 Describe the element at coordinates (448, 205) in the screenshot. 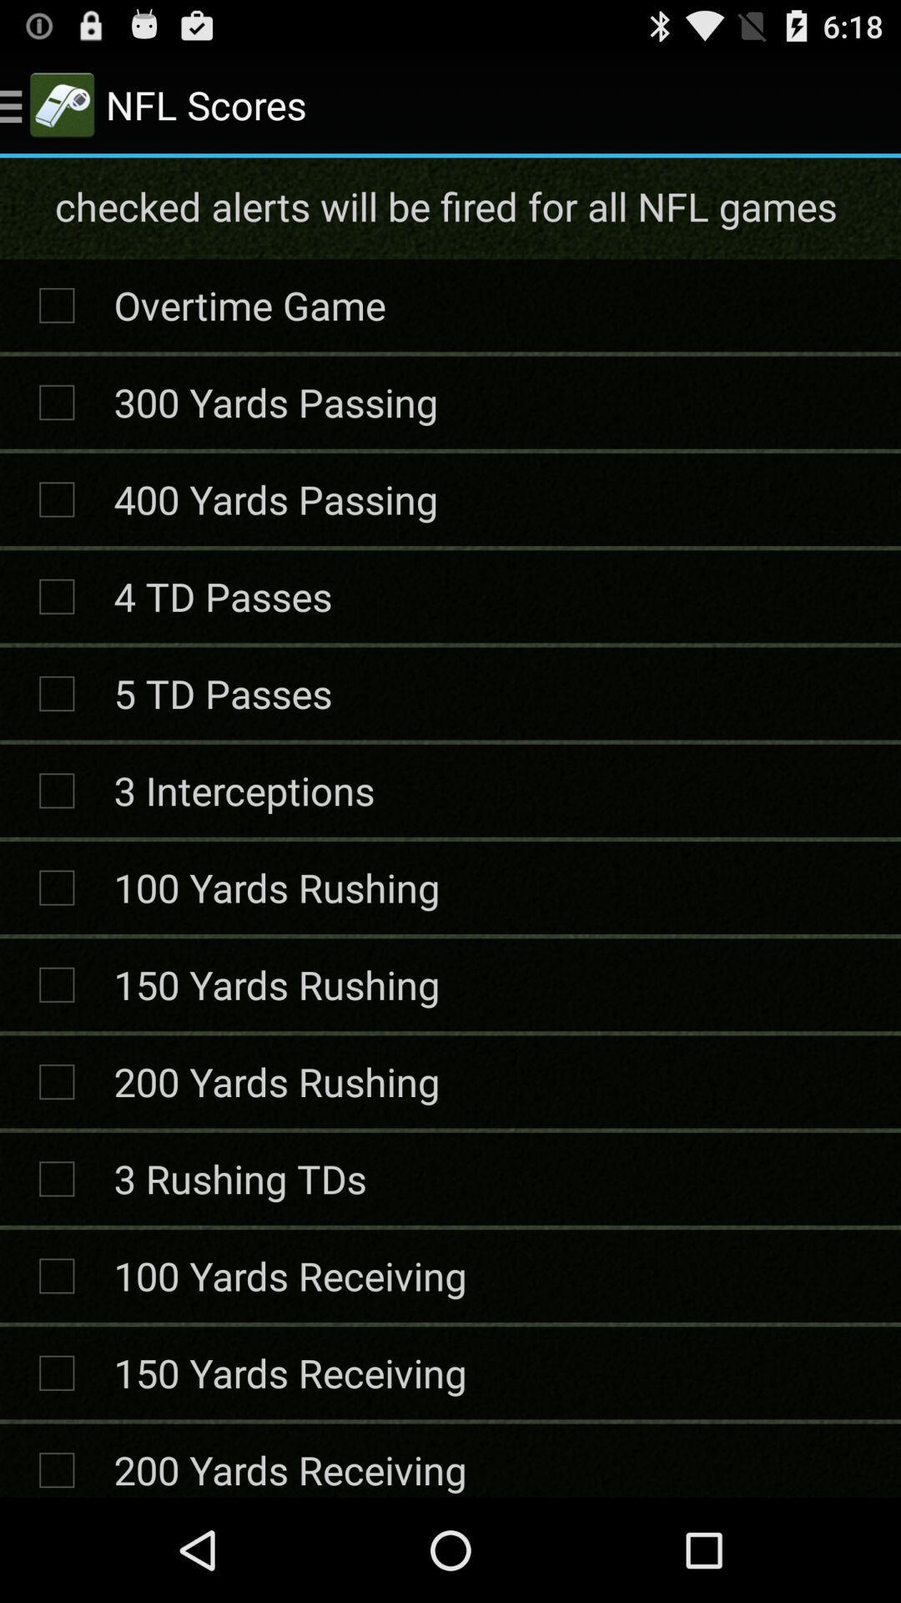

I see `checked alerts will icon` at that location.